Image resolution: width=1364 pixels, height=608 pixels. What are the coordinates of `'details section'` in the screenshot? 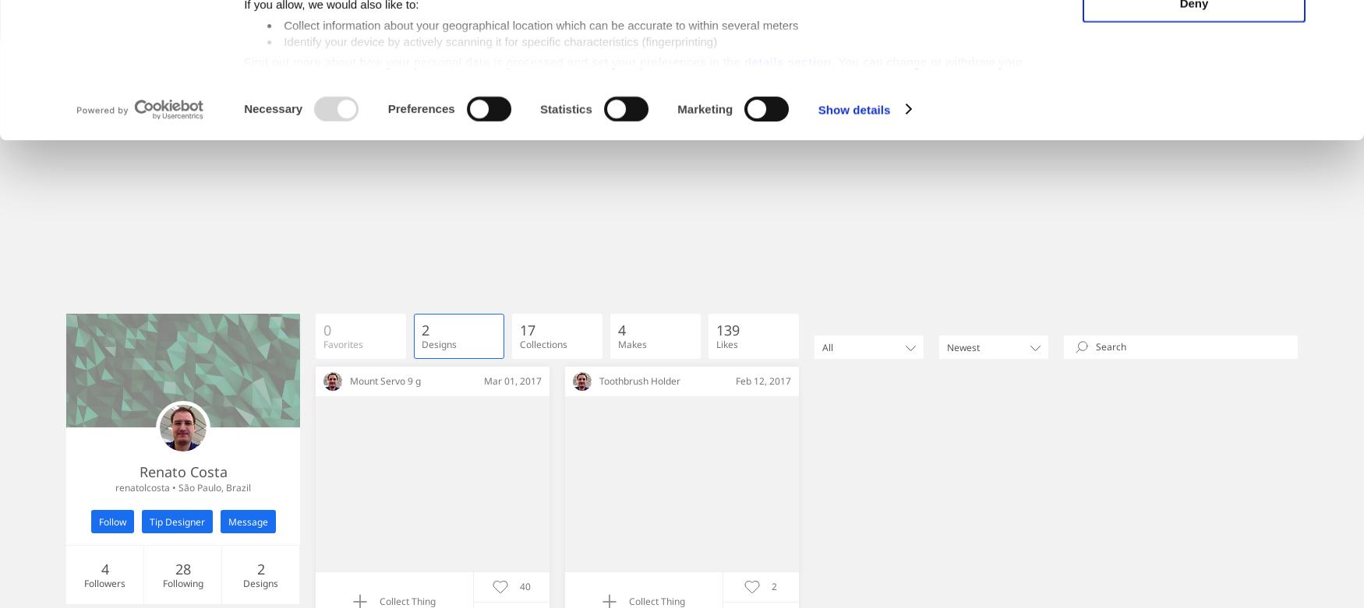 It's located at (786, 185).